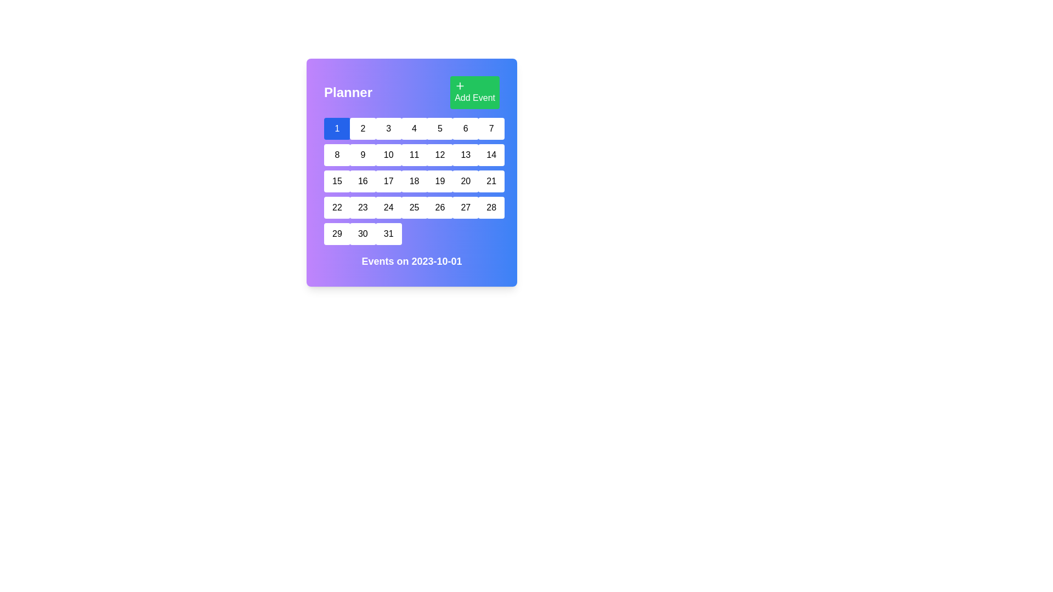 This screenshot has height=592, width=1053. What do you see at coordinates (411, 261) in the screenshot?
I see `the informational text element displaying 'Events on 2023-10-01', which is styled in bold and located at the bottom of the planner interface, centered within a gradient background` at bounding box center [411, 261].